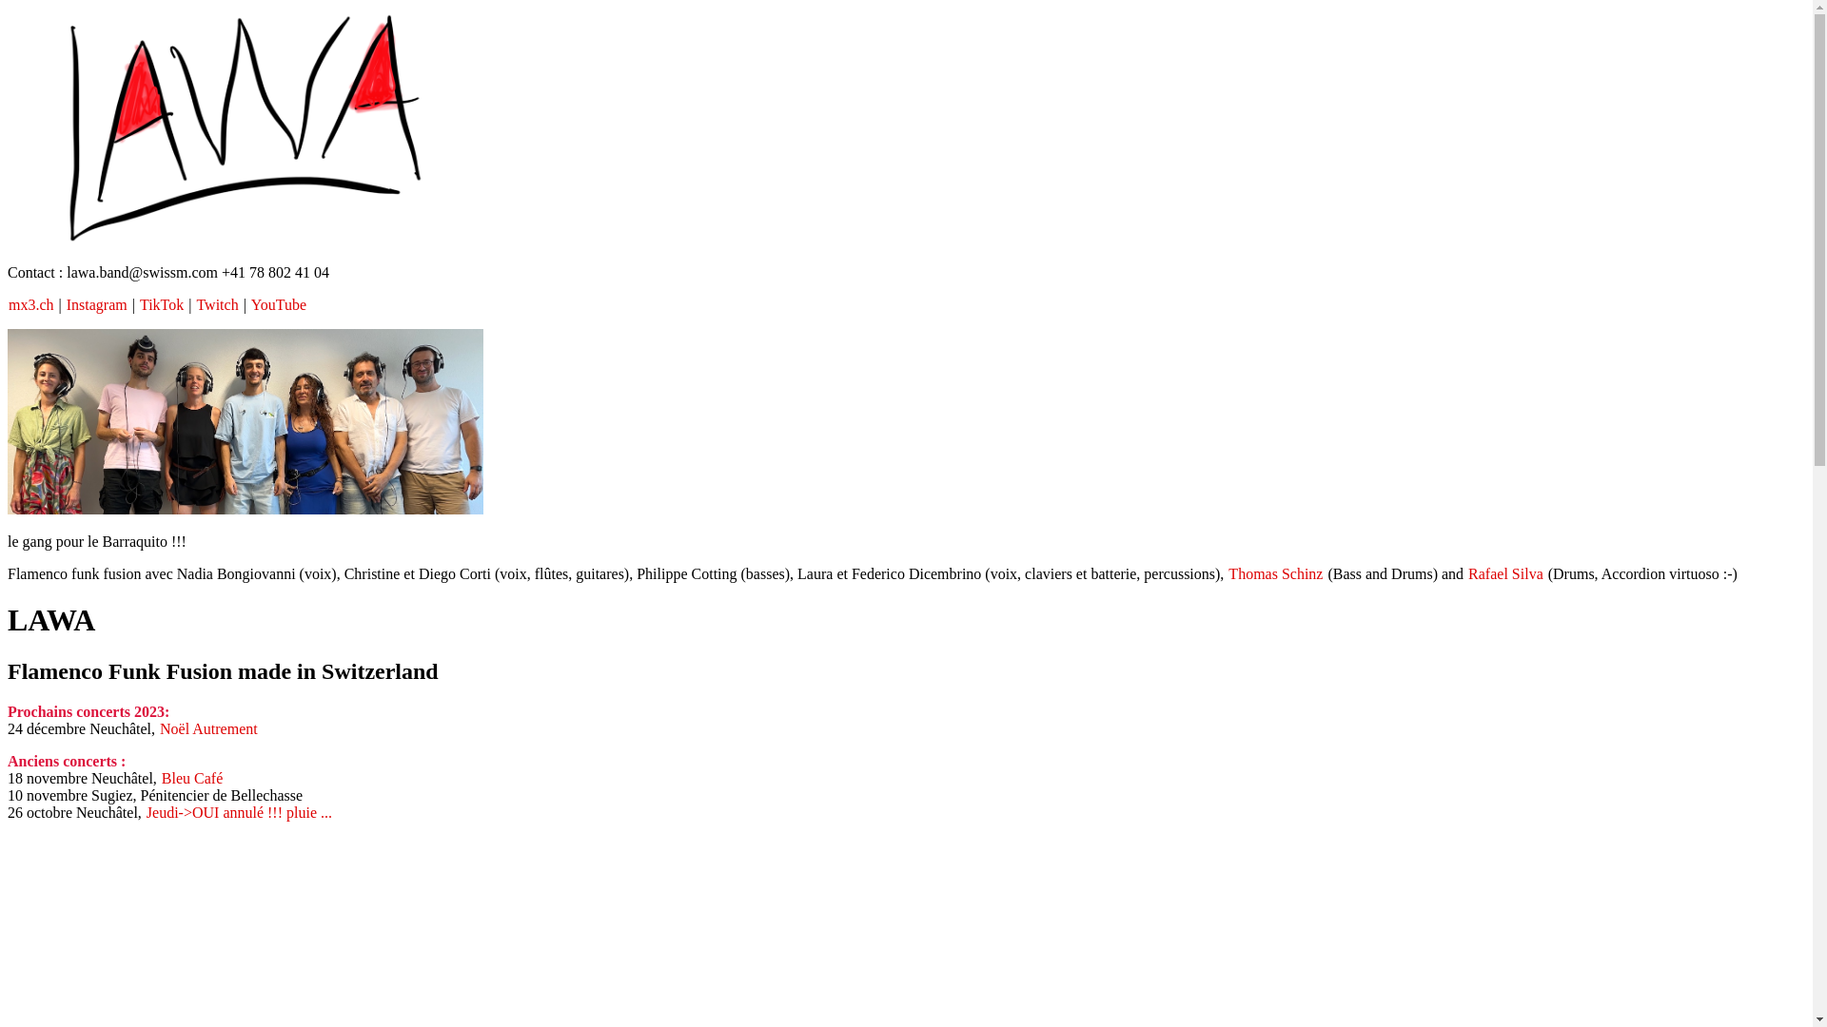 The image size is (1827, 1027). Describe the element at coordinates (161, 302) in the screenshot. I see `'TikTok'` at that location.